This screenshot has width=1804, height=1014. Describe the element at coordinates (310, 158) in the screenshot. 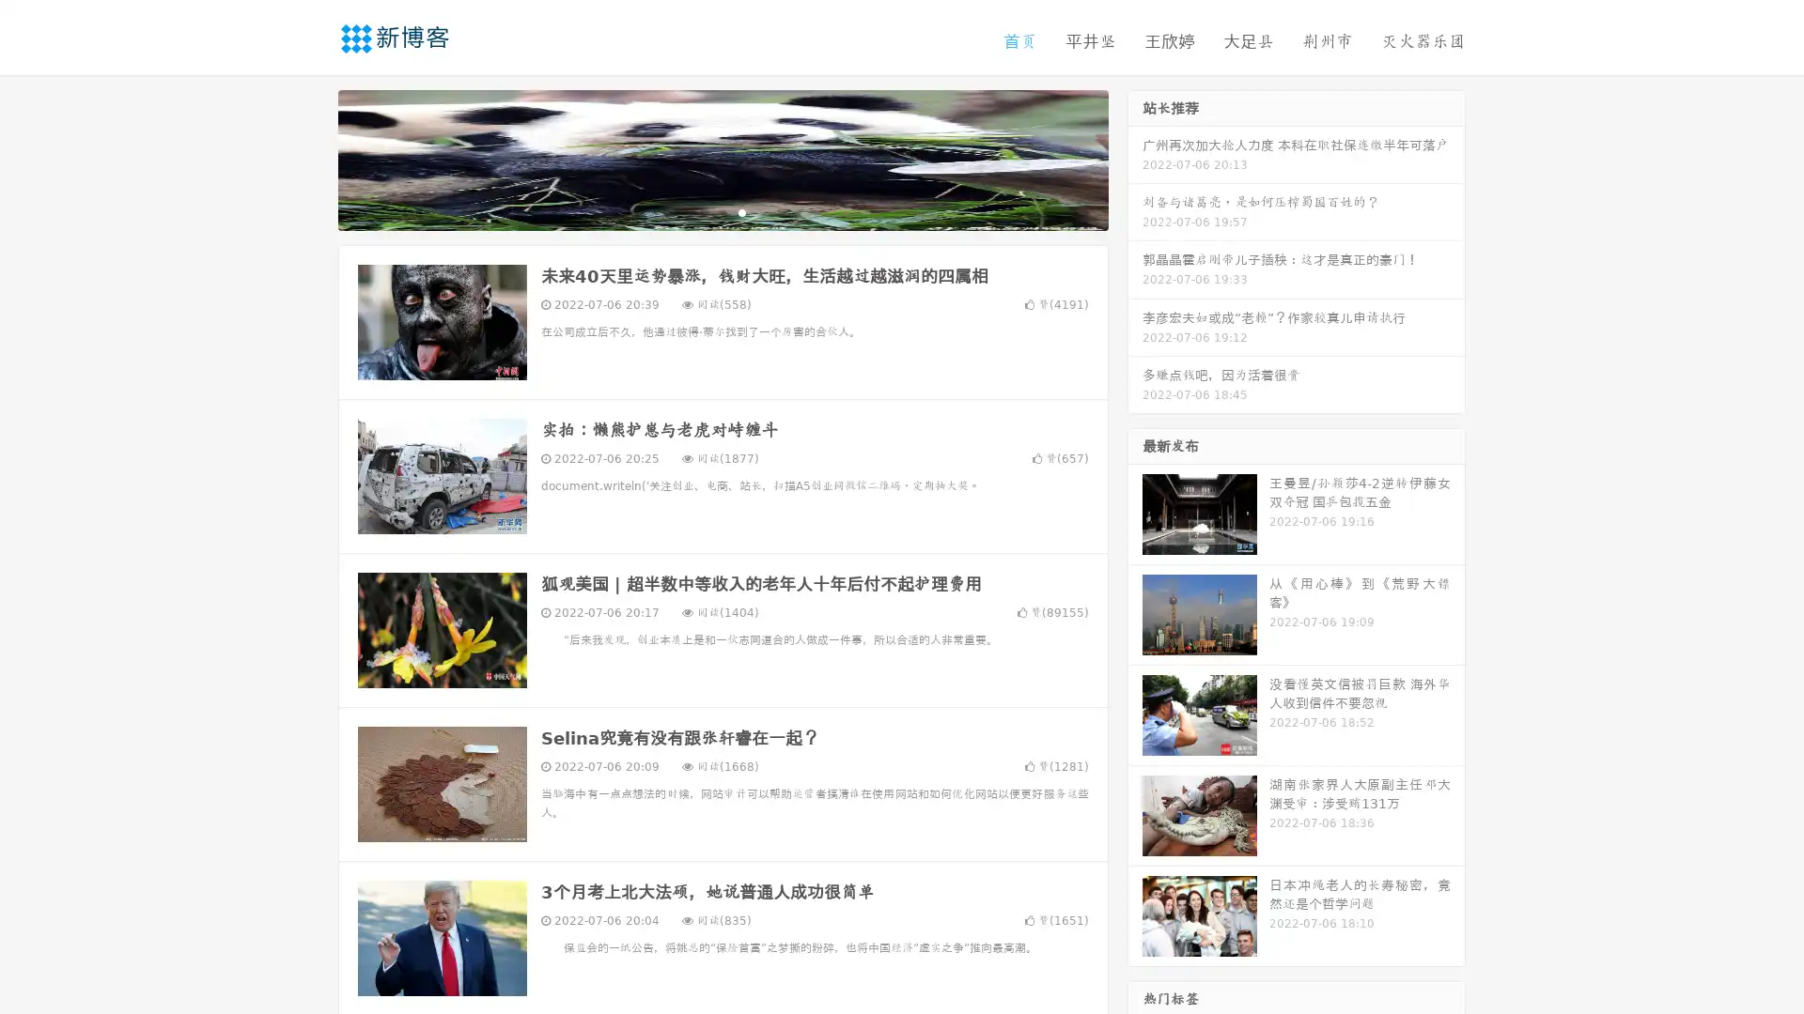

I see `Previous slide` at that location.